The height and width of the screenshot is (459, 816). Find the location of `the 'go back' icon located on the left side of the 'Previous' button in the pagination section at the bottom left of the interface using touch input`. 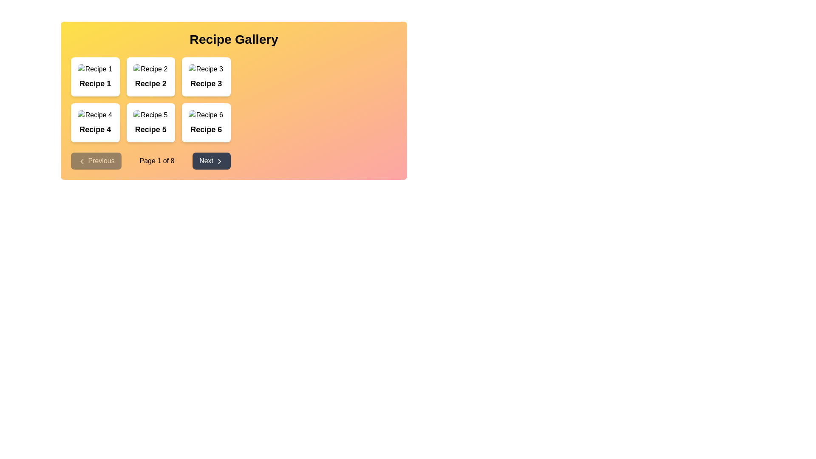

the 'go back' icon located on the left side of the 'Previous' button in the pagination section at the bottom left of the interface using touch input is located at coordinates (82, 161).